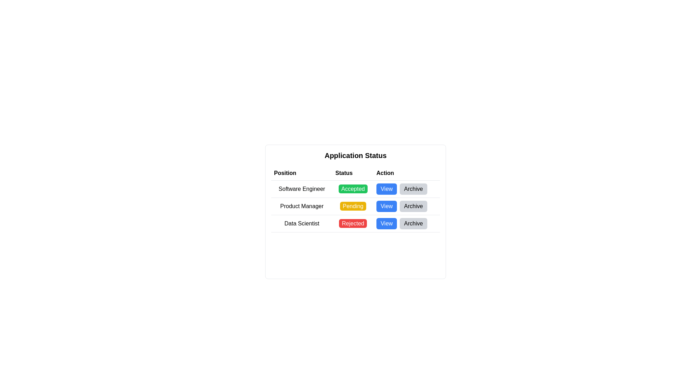  Describe the element at coordinates (356, 211) in the screenshot. I see `the 'Pending' status in the second row of the application statuses table` at that location.